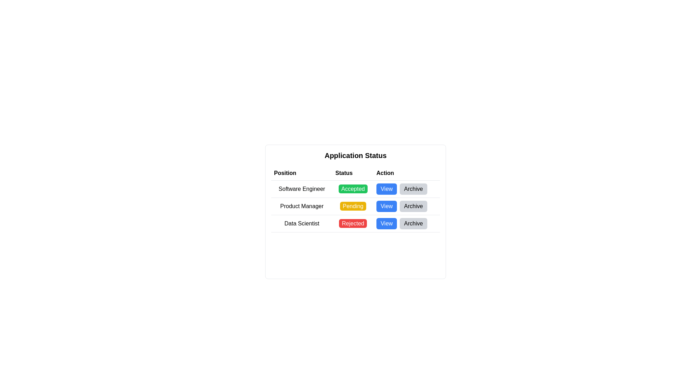  Describe the element at coordinates (356, 211) in the screenshot. I see `the 'Pending' status in the second row of the application statuses table` at that location.